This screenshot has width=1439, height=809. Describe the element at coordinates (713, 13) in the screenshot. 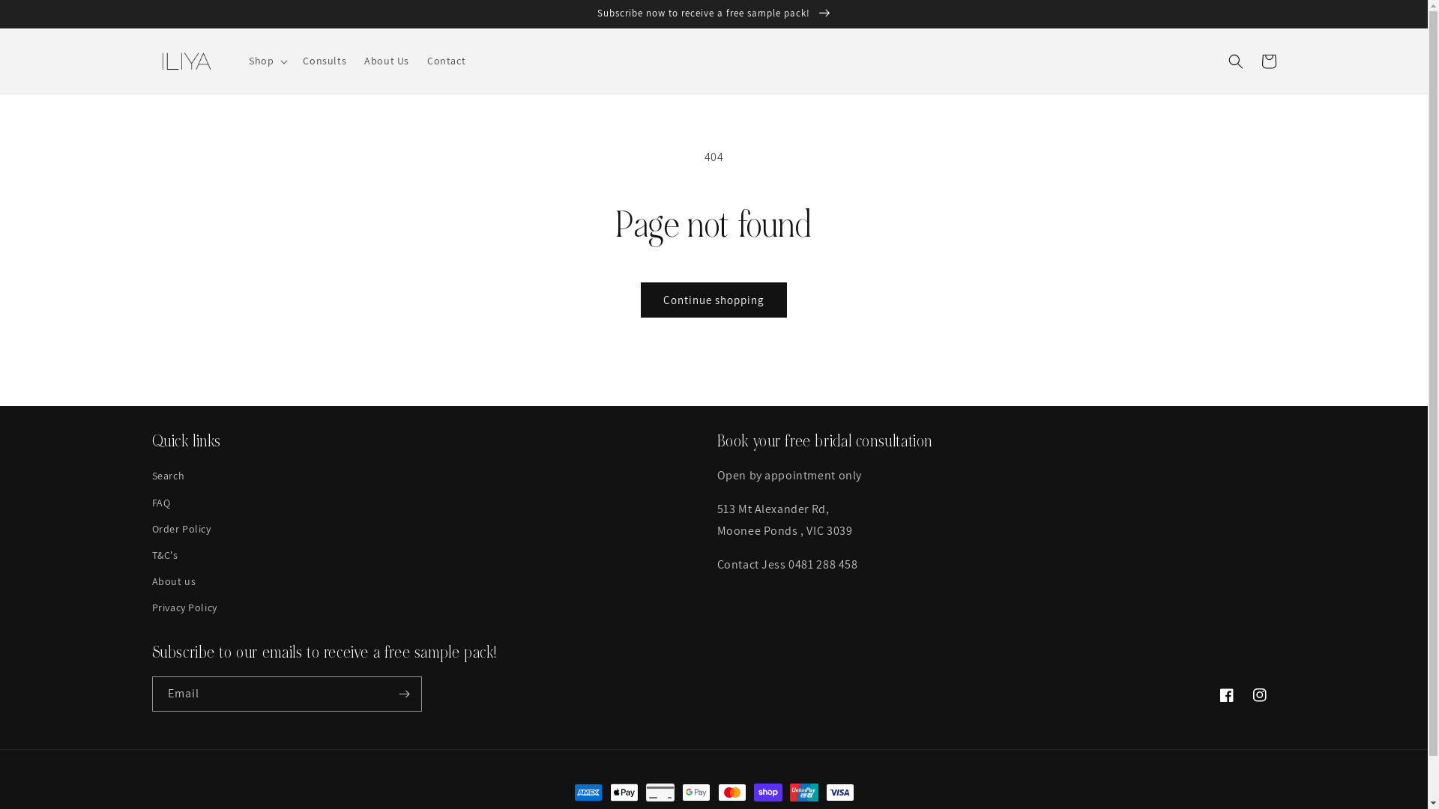

I see `'Subscribe now to receive a free sample pack!'` at that location.